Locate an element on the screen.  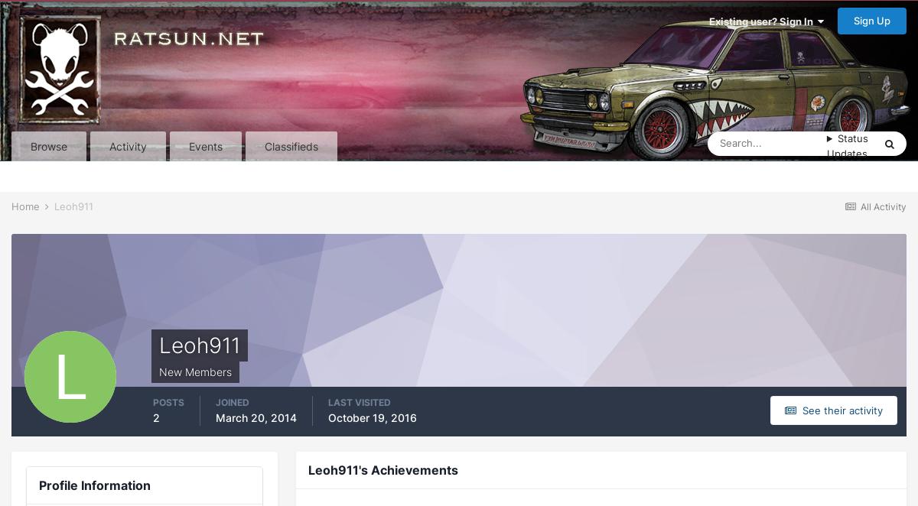
'Sign Up' is located at coordinates (853, 21).